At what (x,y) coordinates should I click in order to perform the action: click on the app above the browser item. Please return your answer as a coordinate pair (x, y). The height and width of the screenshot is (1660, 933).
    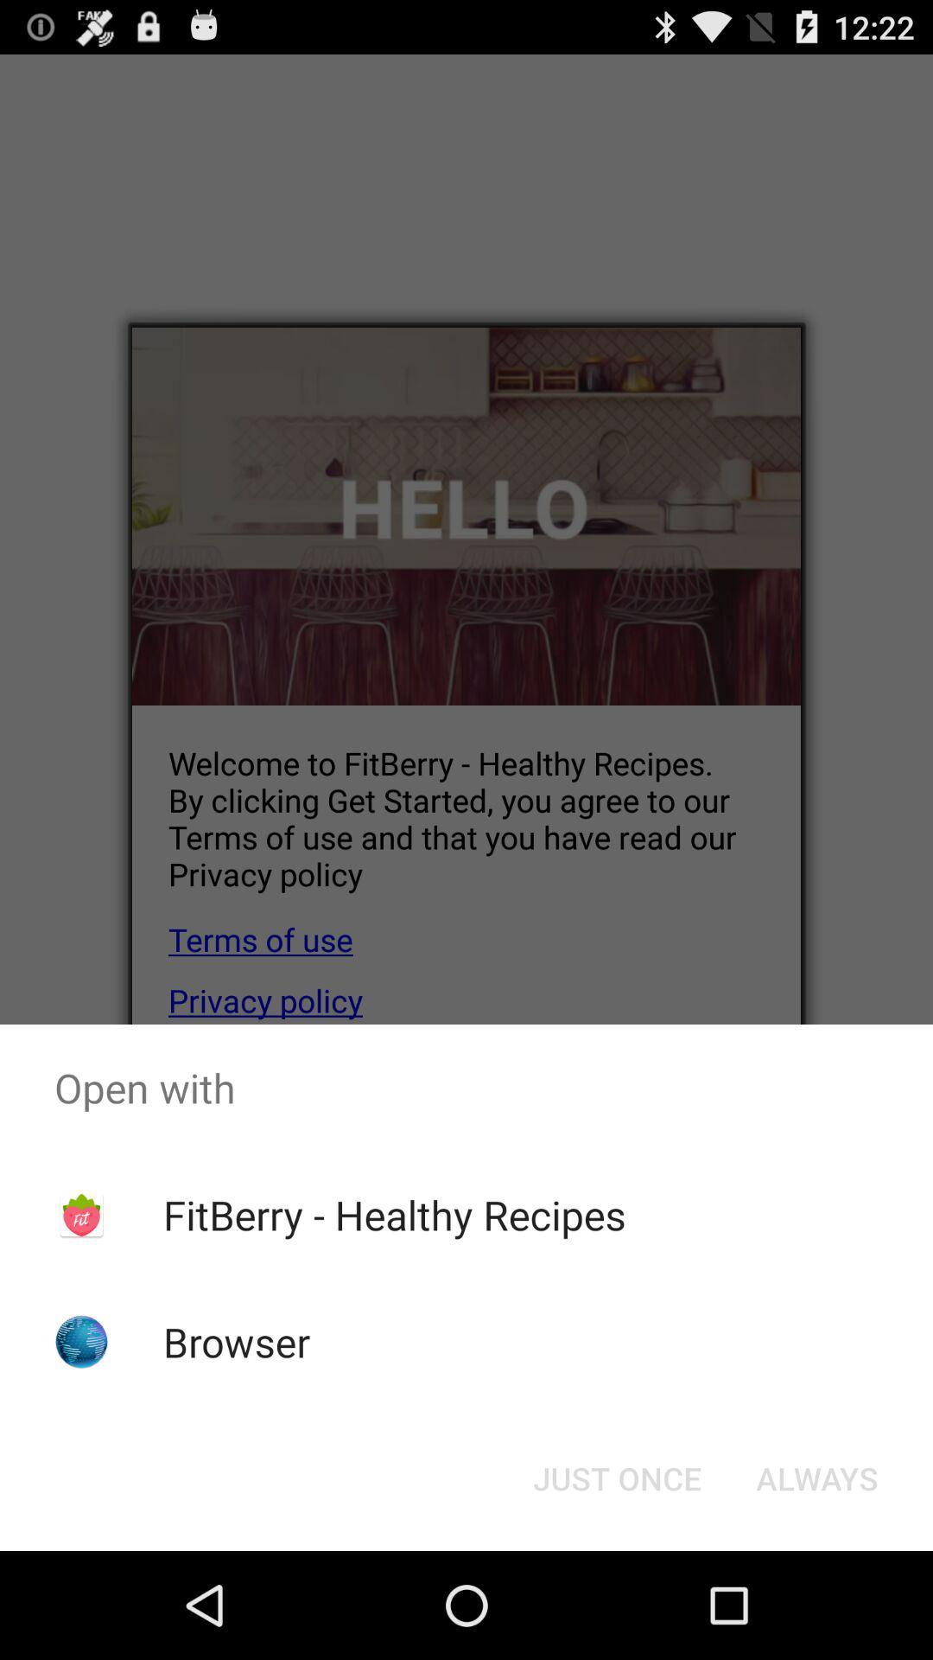
    Looking at the image, I should click on (394, 1214).